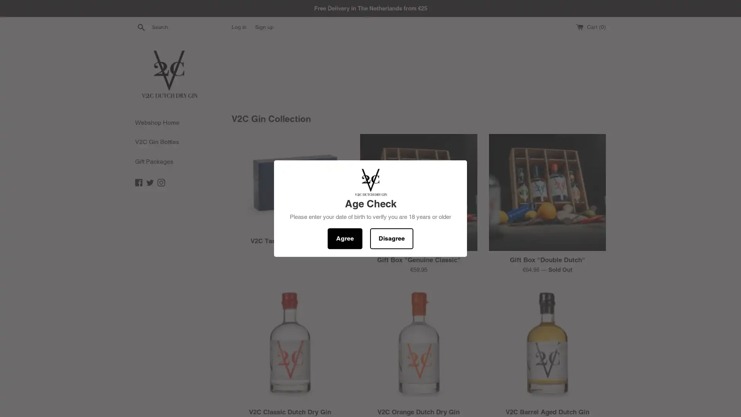 This screenshot has width=741, height=417. Describe the element at coordinates (344, 238) in the screenshot. I see `Agree` at that location.